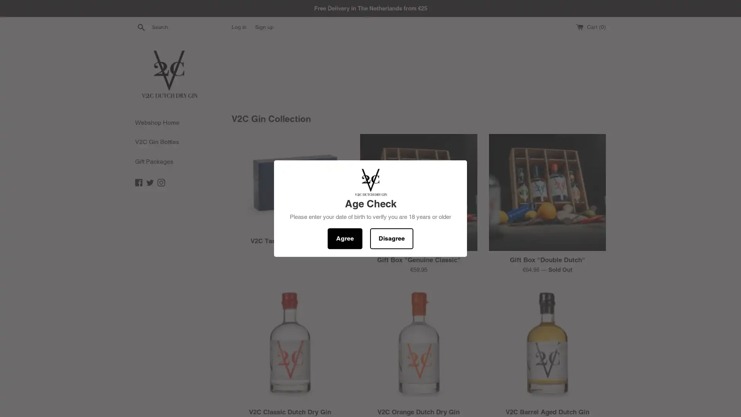 This screenshot has width=741, height=417. Describe the element at coordinates (344, 238) in the screenshot. I see `Agree` at that location.